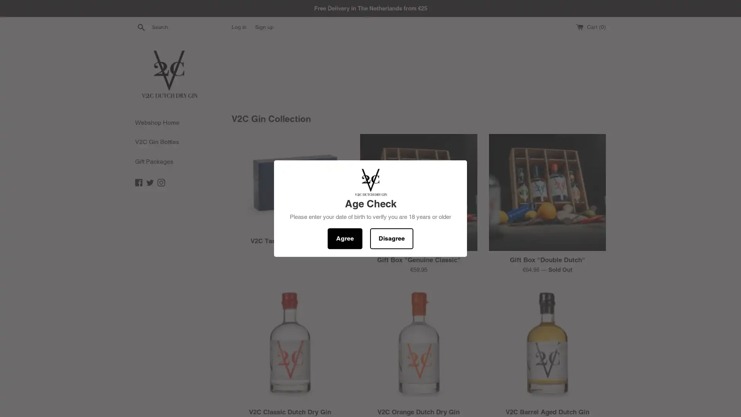 This screenshot has width=741, height=417. Describe the element at coordinates (344, 238) in the screenshot. I see `Agree` at that location.